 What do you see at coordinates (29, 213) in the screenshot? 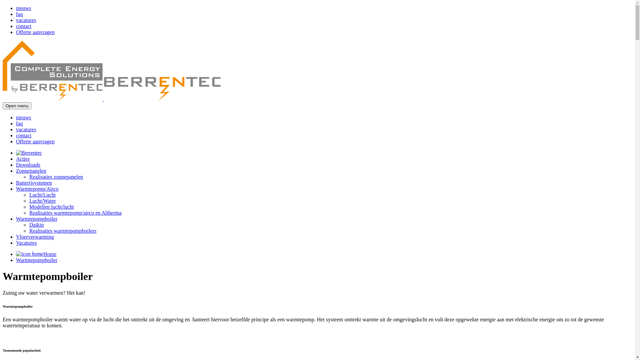
I see `'Realisaties warmtepomp/airco en Altherma'` at bounding box center [29, 213].